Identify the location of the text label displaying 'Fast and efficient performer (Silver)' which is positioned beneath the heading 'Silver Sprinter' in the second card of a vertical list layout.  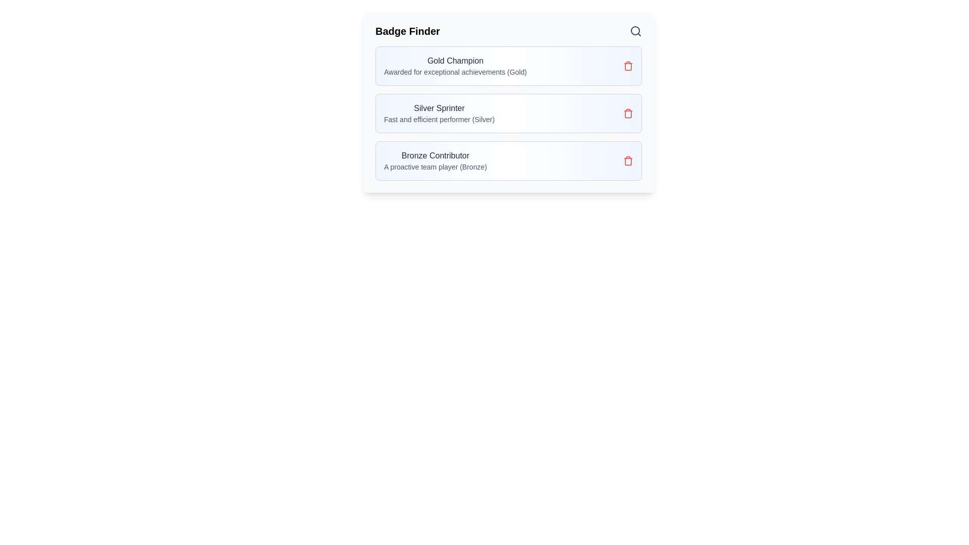
(439, 119).